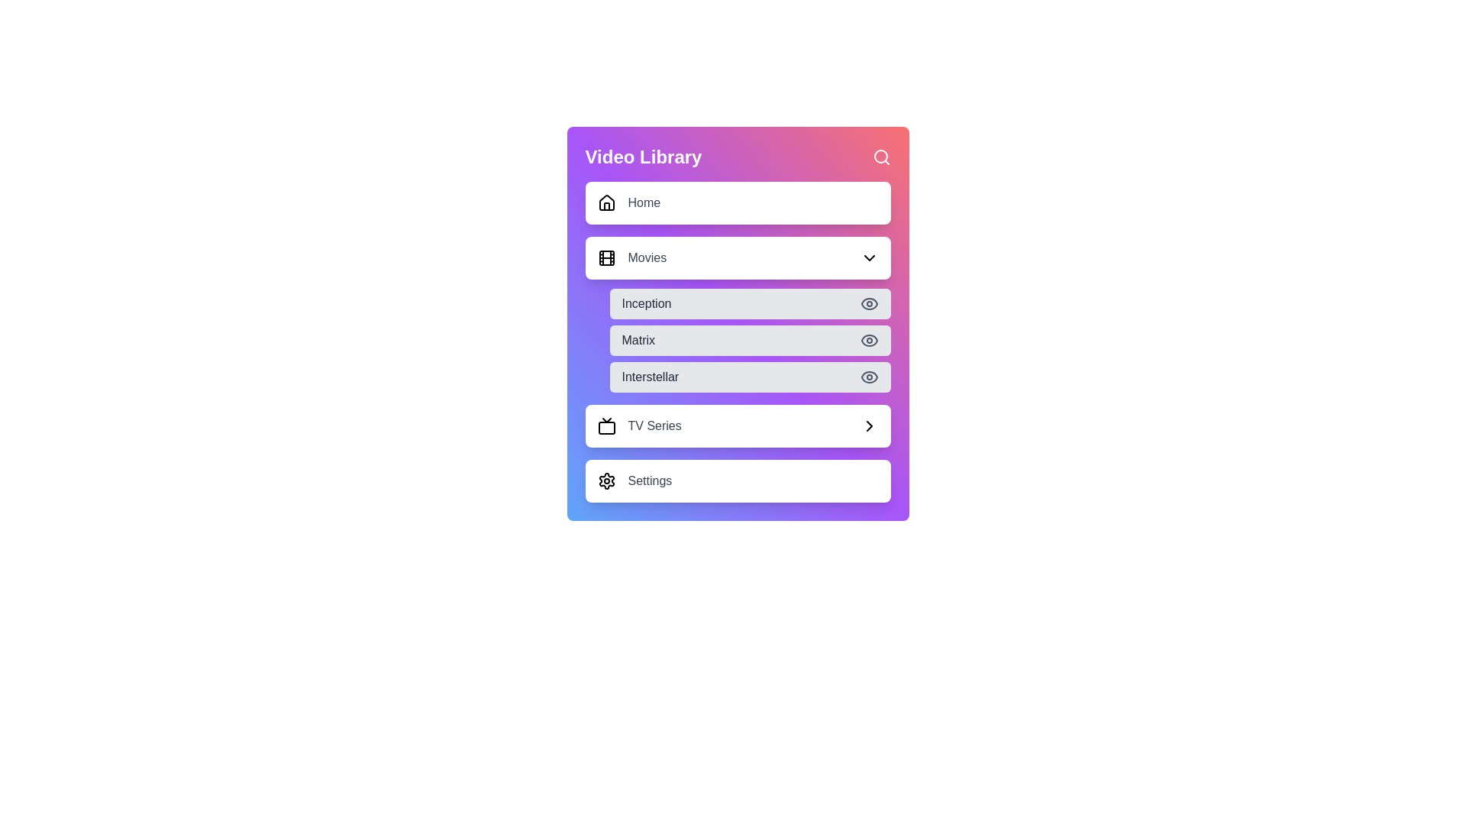 The image size is (1466, 825). I want to click on the stylized house icon located in the top-left portion of the application interface, which is the leftmost icon in the 'Home' button of a vertical list menu, so click(605, 202).